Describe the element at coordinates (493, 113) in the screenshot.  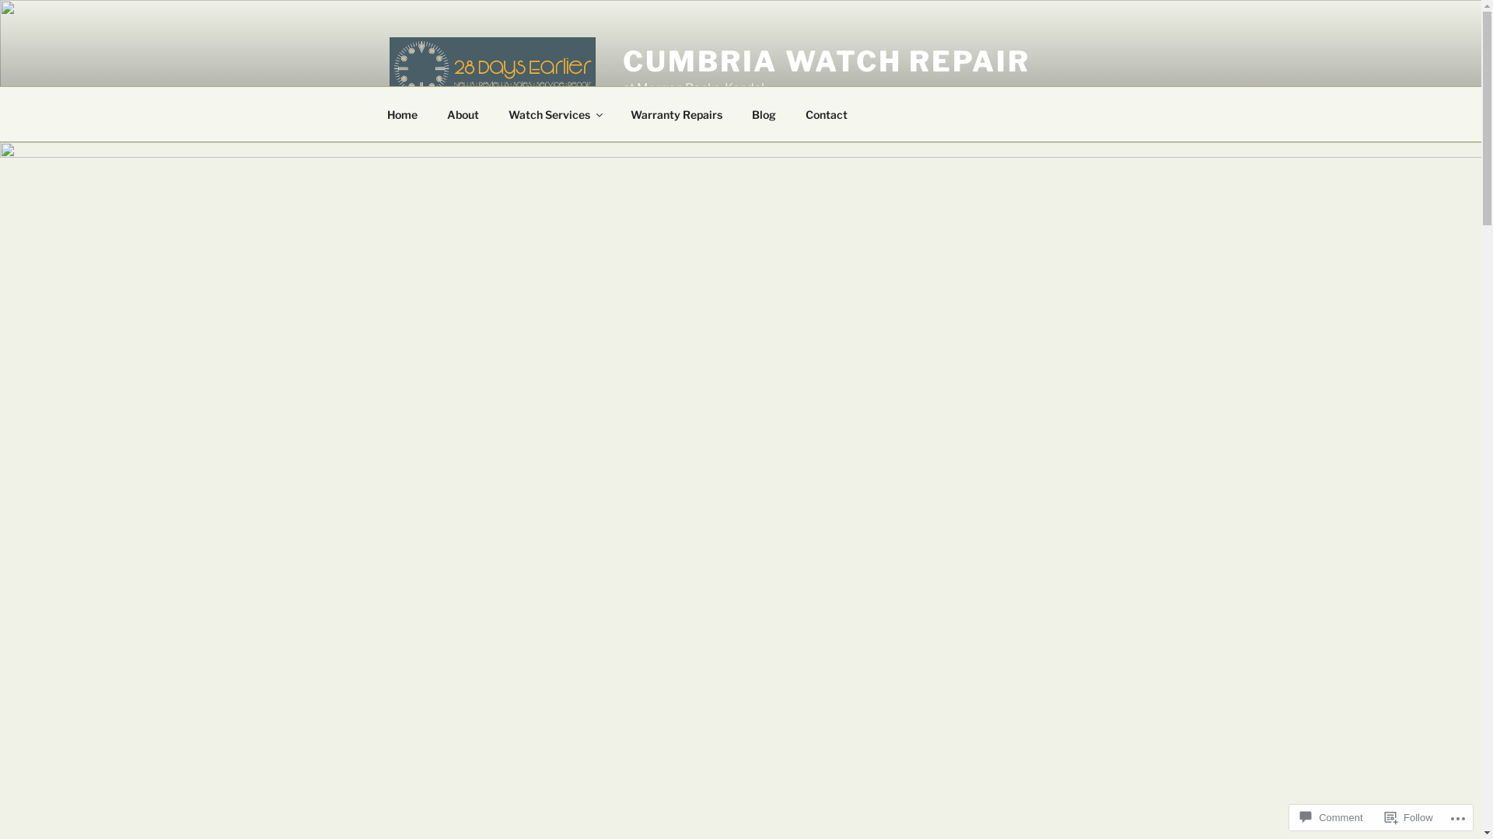
I see `'Watch Services'` at that location.